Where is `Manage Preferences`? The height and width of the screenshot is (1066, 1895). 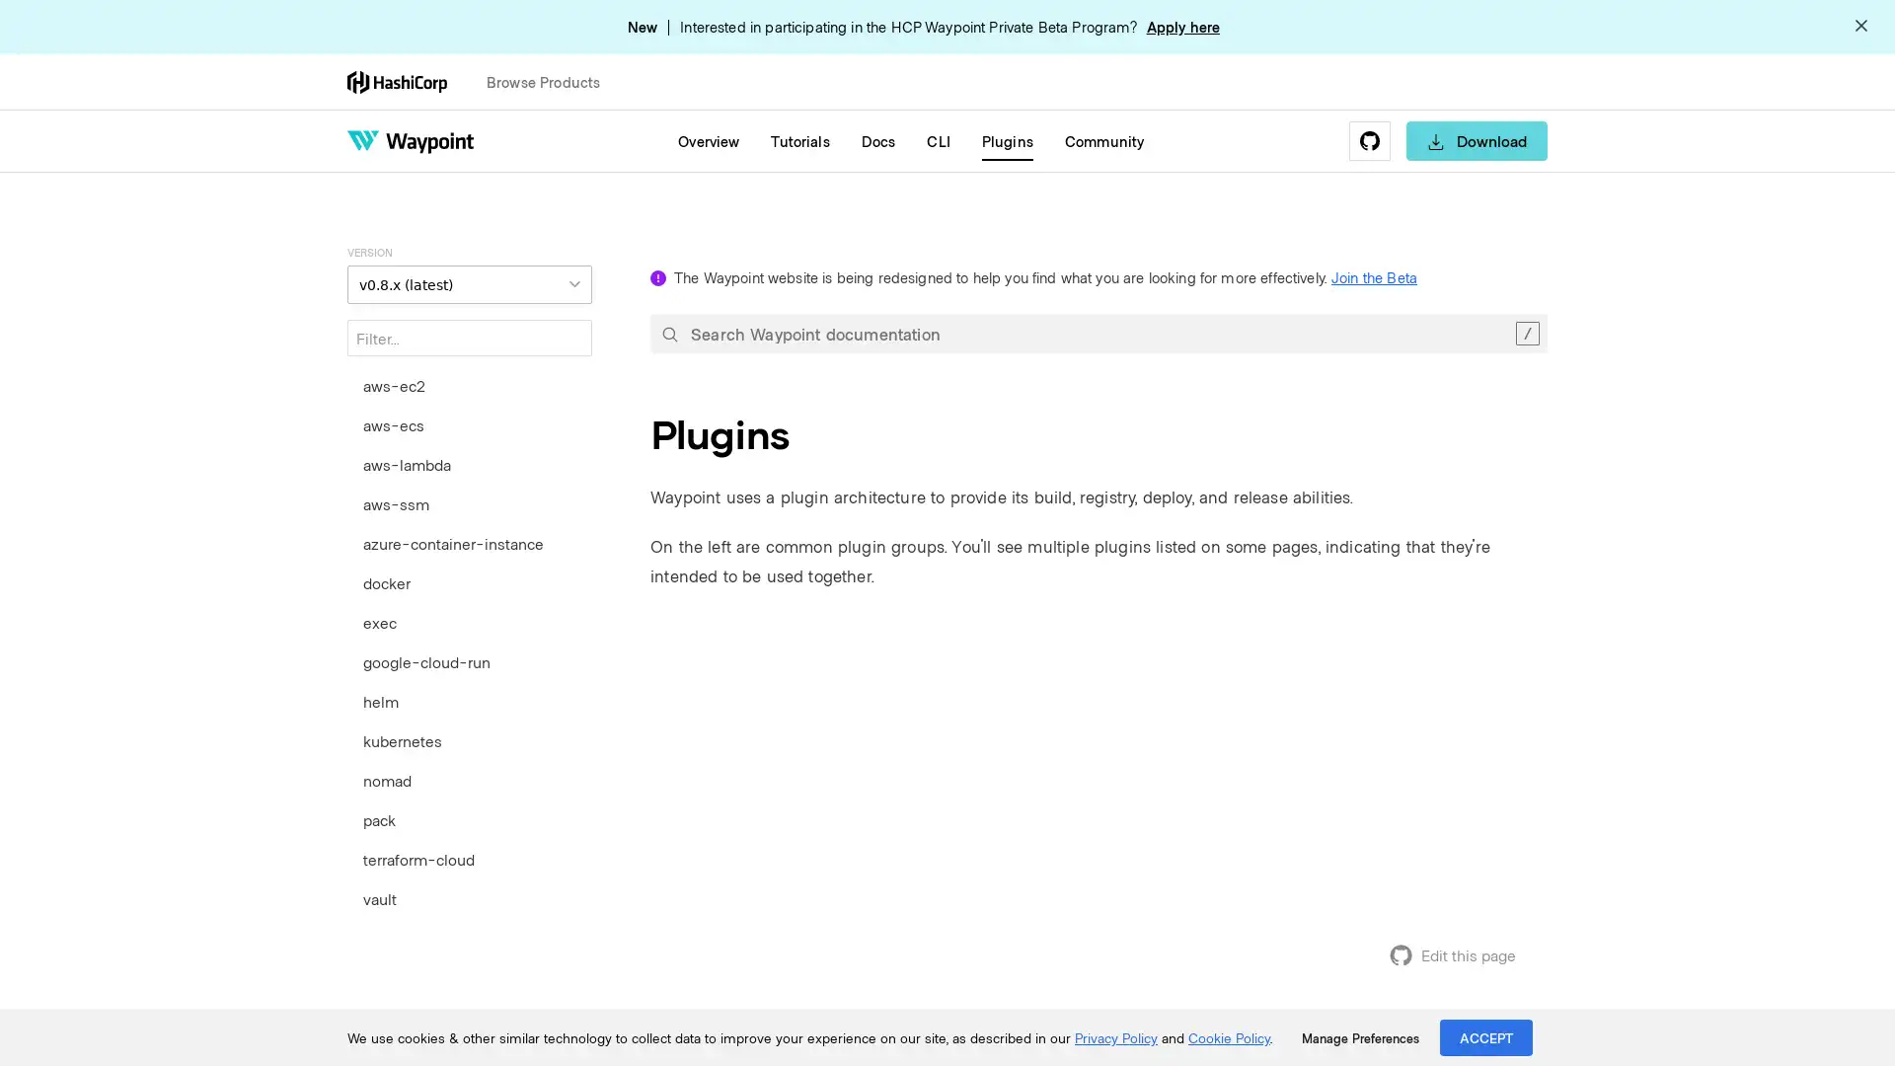 Manage Preferences is located at coordinates (1359, 1037).